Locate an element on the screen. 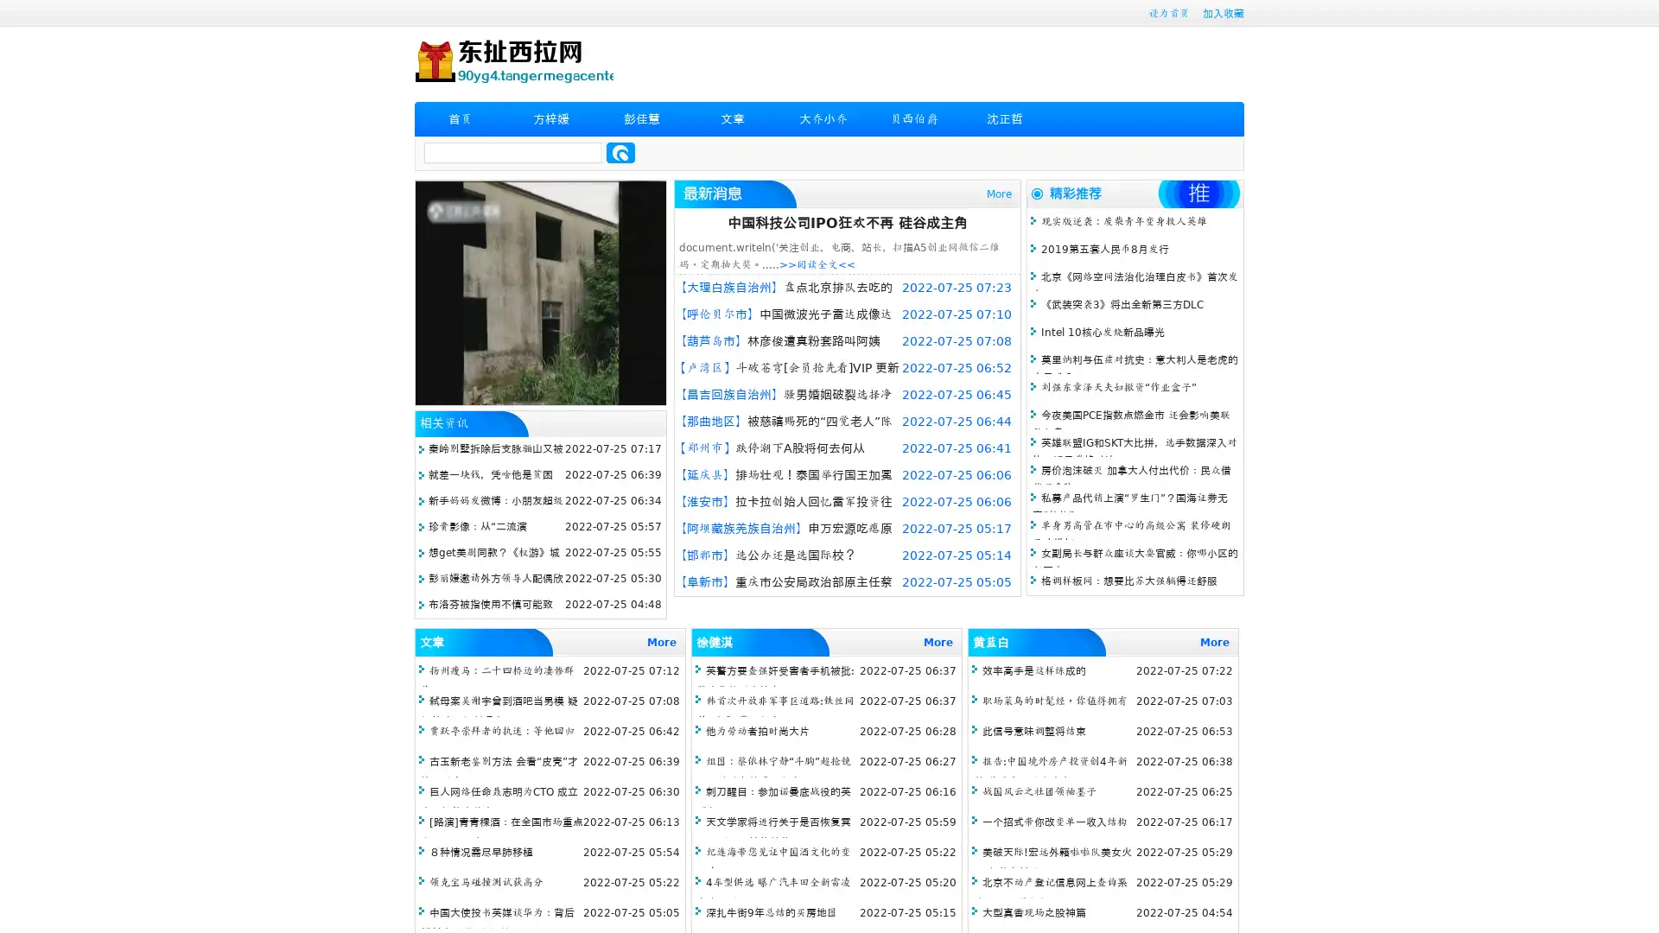  Search is located at coordinates (620, 152).